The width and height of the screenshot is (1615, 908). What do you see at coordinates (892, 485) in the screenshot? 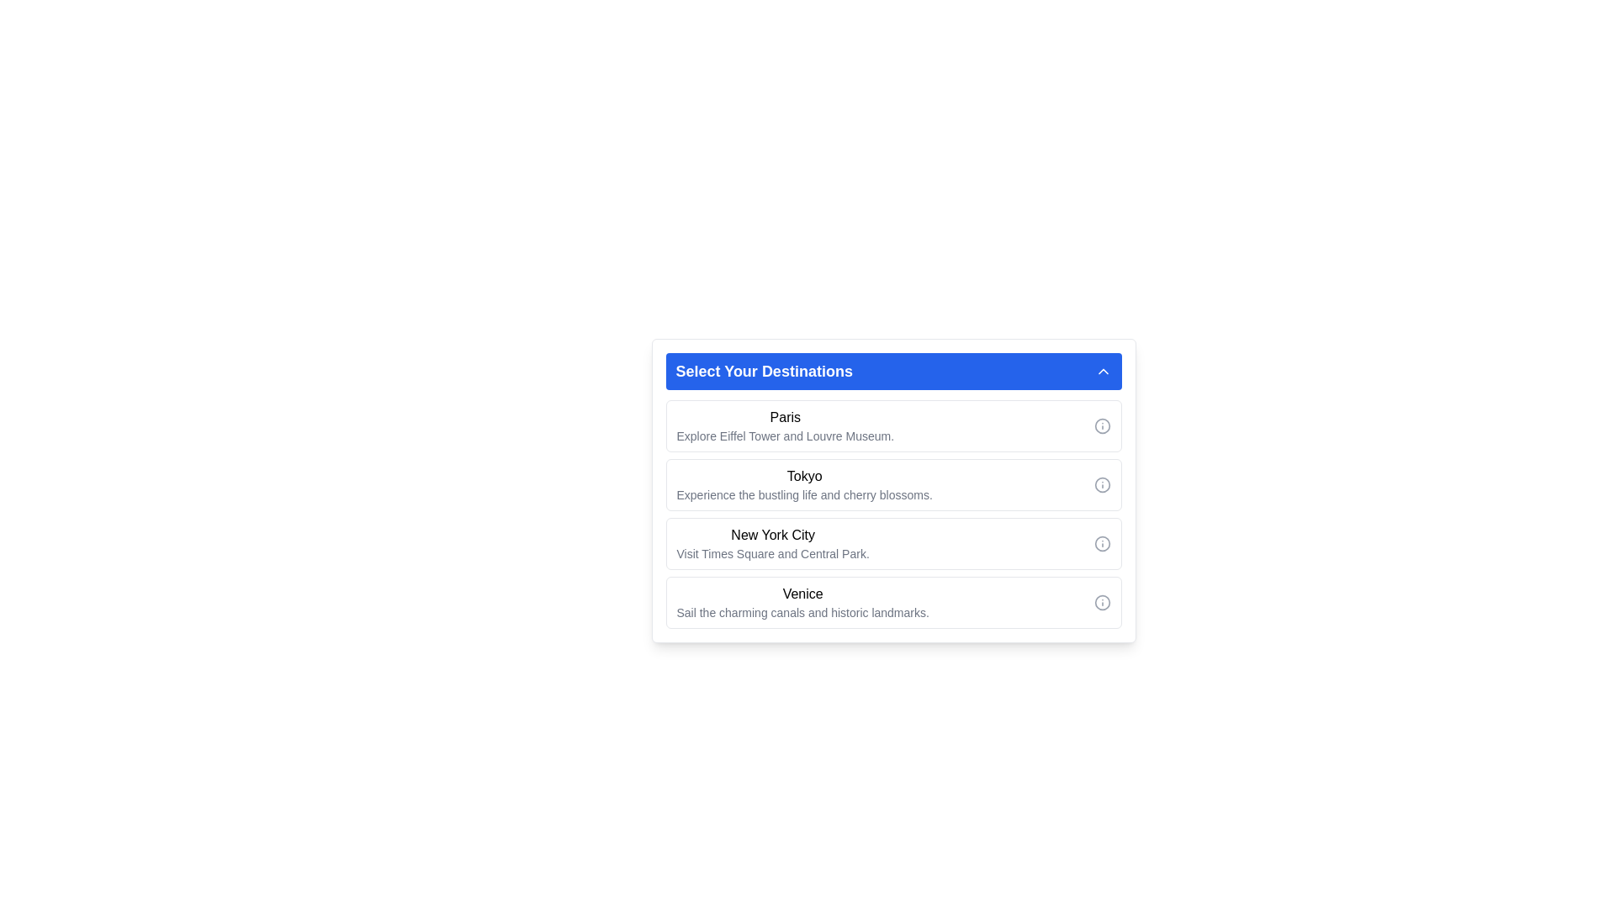
I see `the 'i' icon in the selectable list item for 'Tokyo', which provides additional information about the destination` at bounding box center [892, 485].